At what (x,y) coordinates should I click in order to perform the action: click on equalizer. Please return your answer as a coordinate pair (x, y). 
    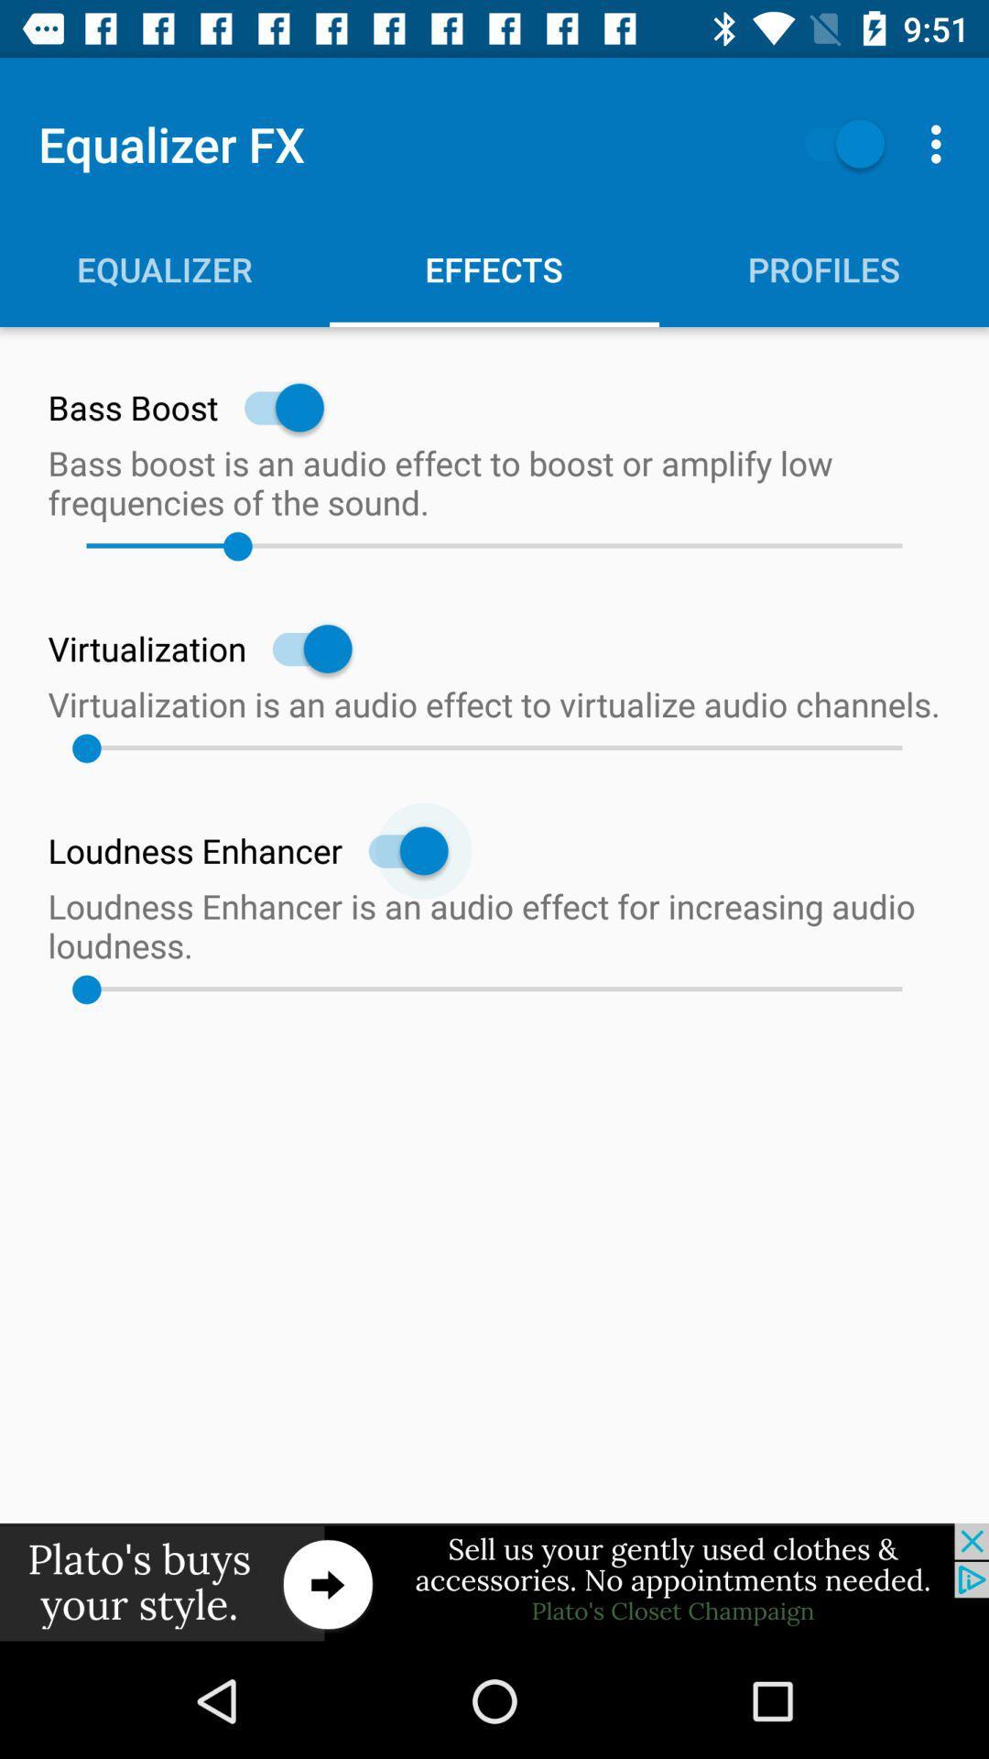
    Looking at the image, I should click on (835, 143).